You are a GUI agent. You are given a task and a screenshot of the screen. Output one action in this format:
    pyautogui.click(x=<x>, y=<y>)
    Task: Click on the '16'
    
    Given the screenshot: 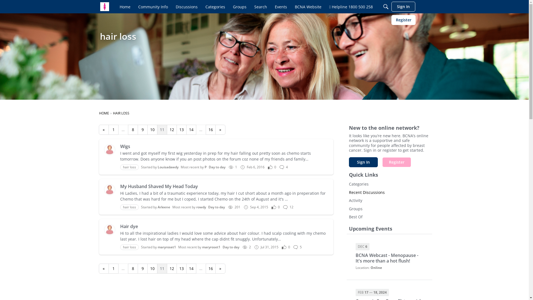 What is the action you would take?
    pyautogui.click(x=205, y=129)
    